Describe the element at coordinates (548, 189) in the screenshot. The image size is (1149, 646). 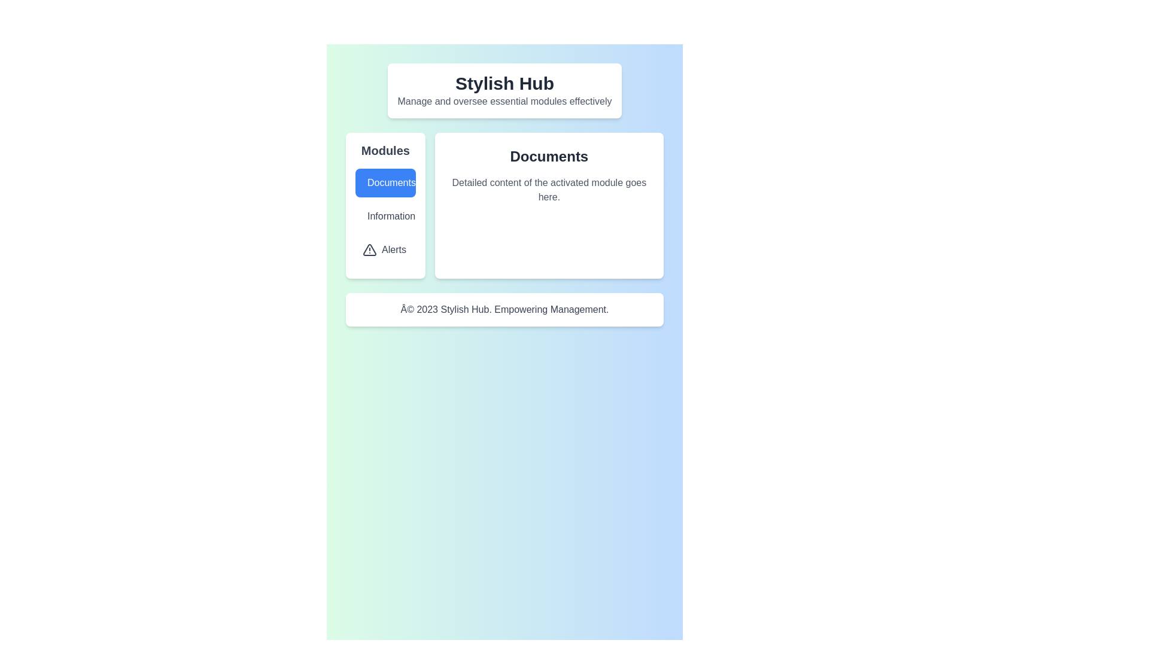
I see `the Text Label located in the 'Documents' section, directly below the header 'Documents', as it provides additional information or context` at that location.